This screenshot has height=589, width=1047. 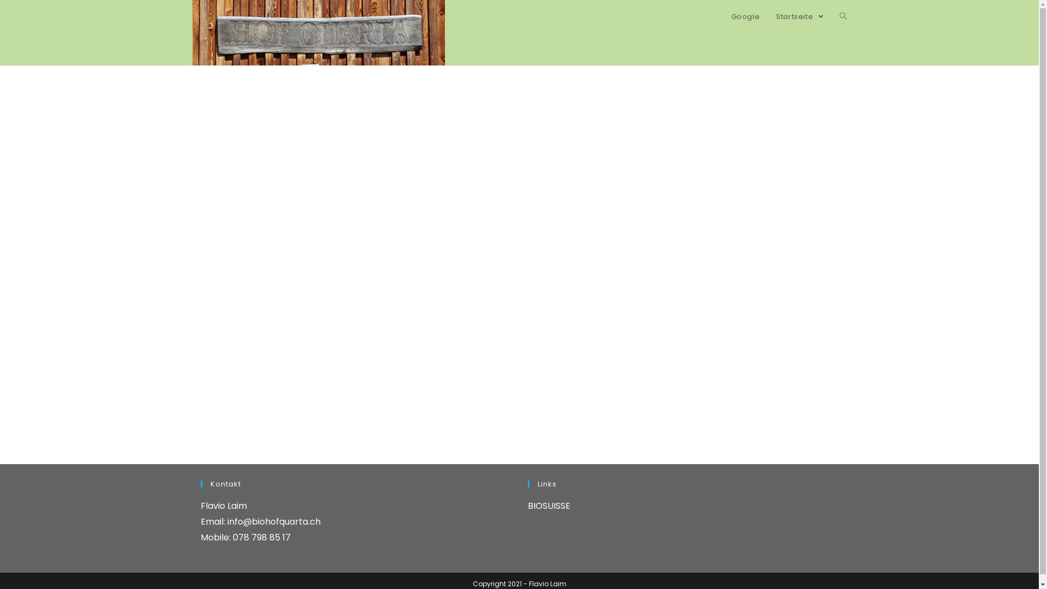 What do you see at coordinates (767, 16) in the screenshot?
I see `'Startseite'` at bounding box center [767, 16].